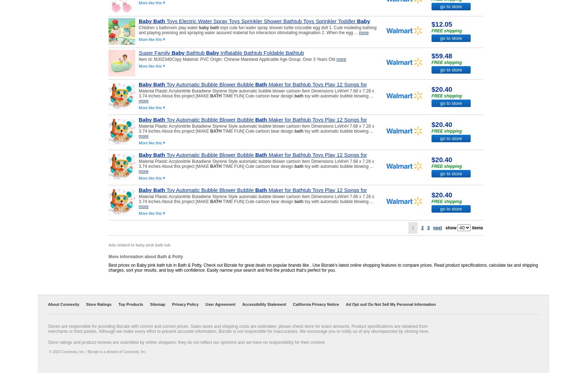 This screenshot has height=373, width=587. I want to click on 'Super Family', so click(154, 53).